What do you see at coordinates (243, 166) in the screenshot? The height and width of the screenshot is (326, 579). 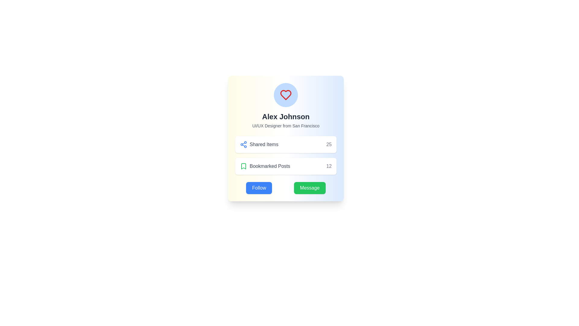 I see `bookmark icon element, which is a green outlined vertical rectangular shape with a triangular tip, using developer tools` at bounding box center [243, 166].